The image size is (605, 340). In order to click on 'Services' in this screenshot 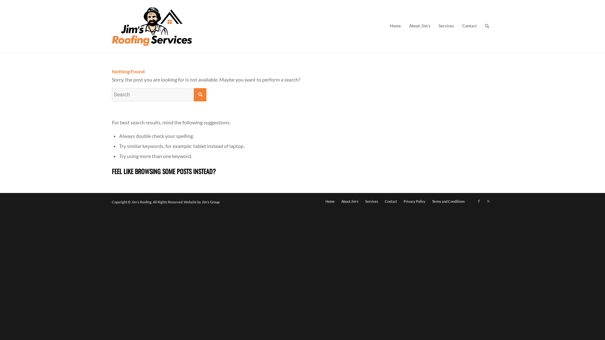, I will do `click(446, 25)`.